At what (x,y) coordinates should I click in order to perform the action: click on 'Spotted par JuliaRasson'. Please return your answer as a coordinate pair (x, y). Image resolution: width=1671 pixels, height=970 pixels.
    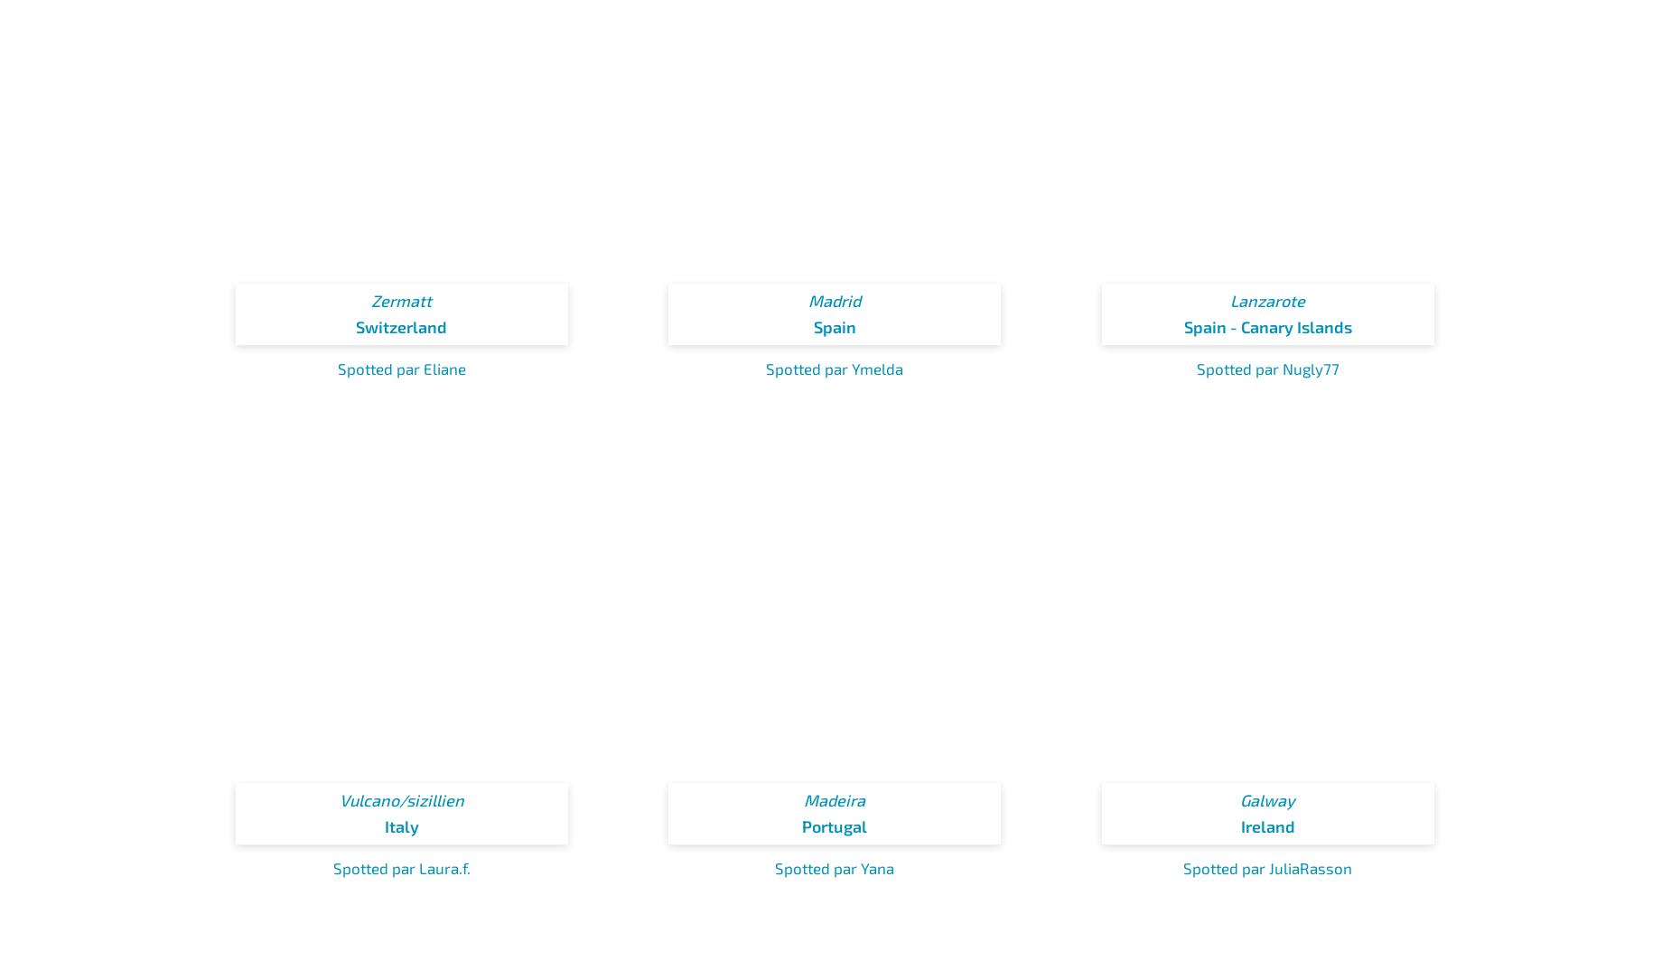
    Looking at the image, I should click on (1267, 867).